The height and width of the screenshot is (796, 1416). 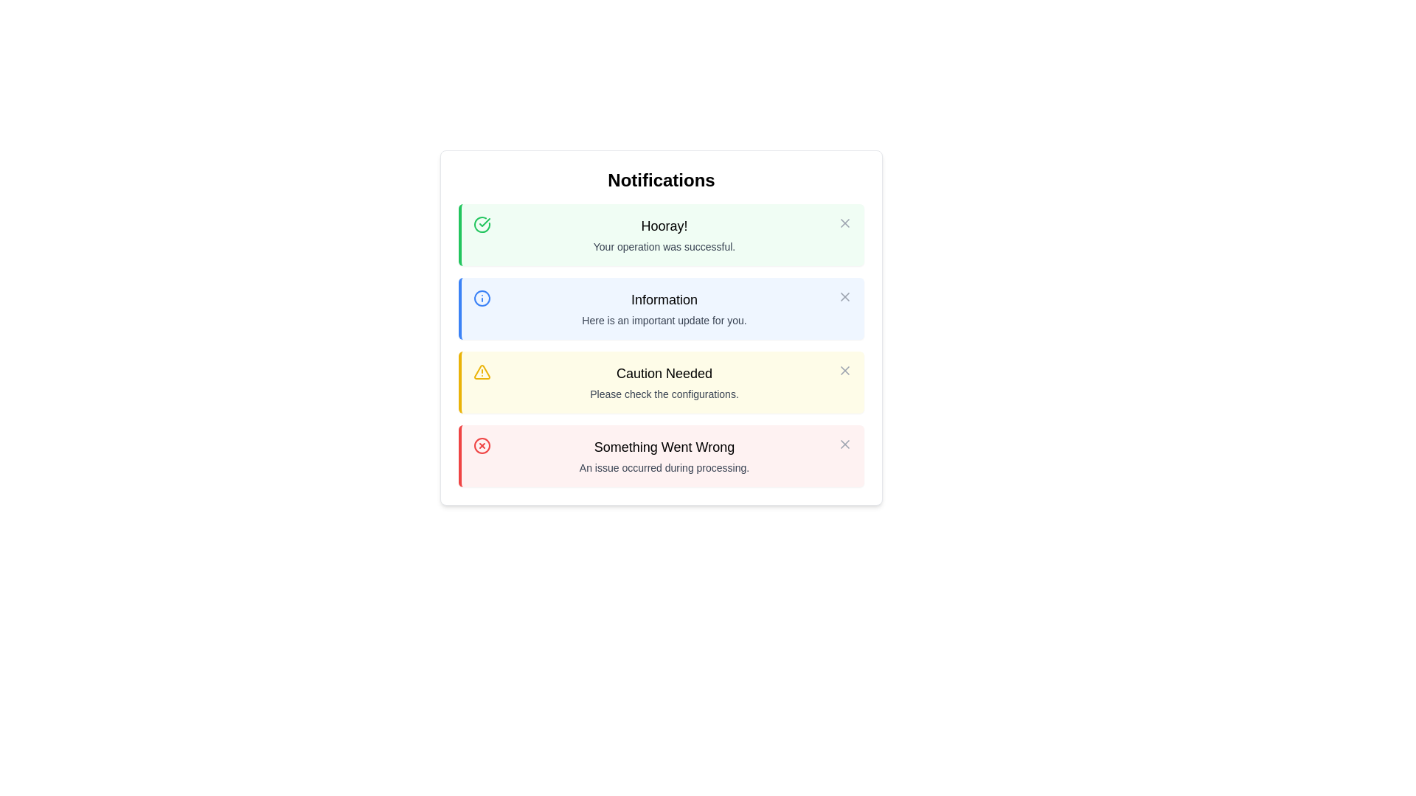 I want to click on warning message from the Notification box, which is the third notification in the vertical list, situated between 'Information' and 'Something Went Wrong', so click(x=664, y=382).